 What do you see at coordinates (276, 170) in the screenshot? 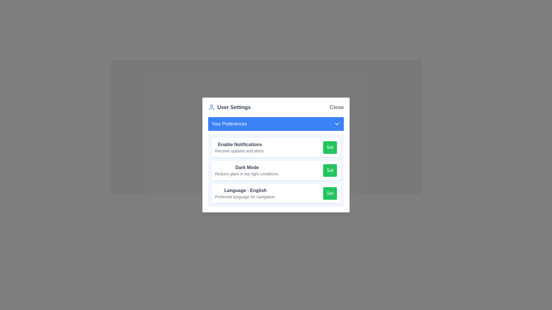
I see `the 'Dark Mode' setting option button, which is located between 'Enable Notifications' and 'Language - English' in the settings menu` at bounding box center [276, 170].